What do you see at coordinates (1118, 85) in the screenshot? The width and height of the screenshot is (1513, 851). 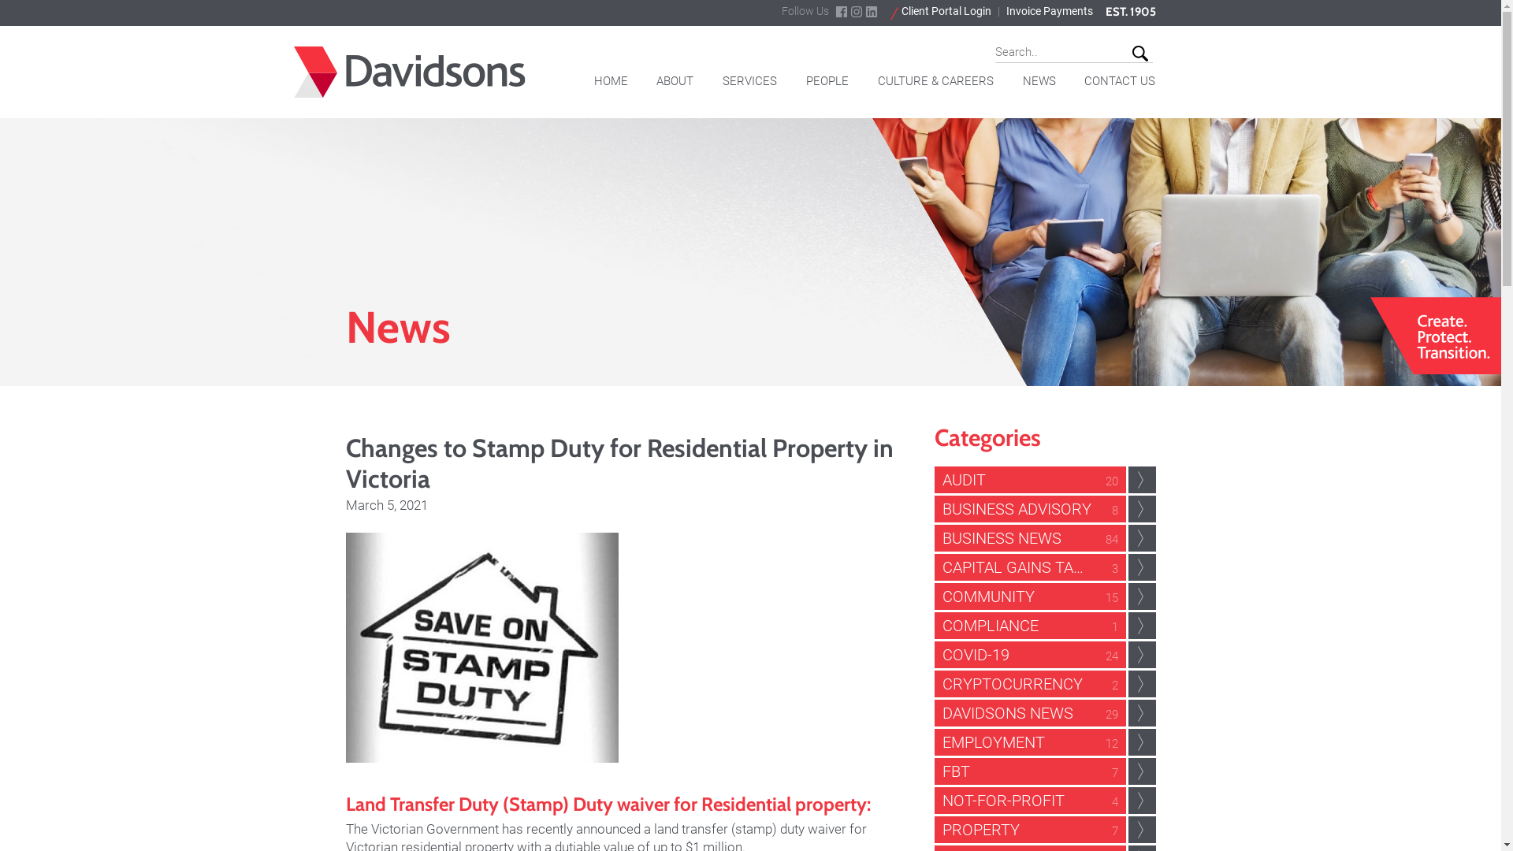 I see `'CONTACT US'` at bounding box center [1118, 85].